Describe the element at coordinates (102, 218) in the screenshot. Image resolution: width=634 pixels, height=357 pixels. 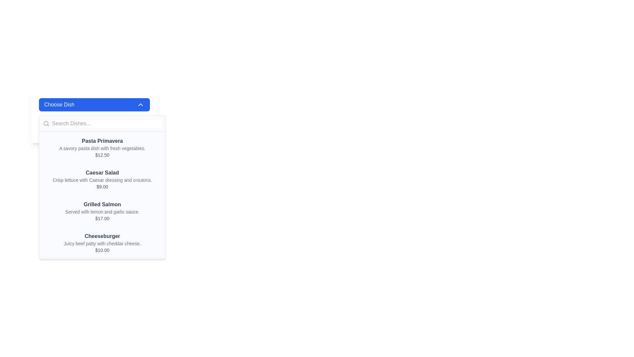
I see `displayed price of the dish labeled 'Grilled Salmon', which shows '$17.00' in muted gray color, located at the center of the menu list` at that location.